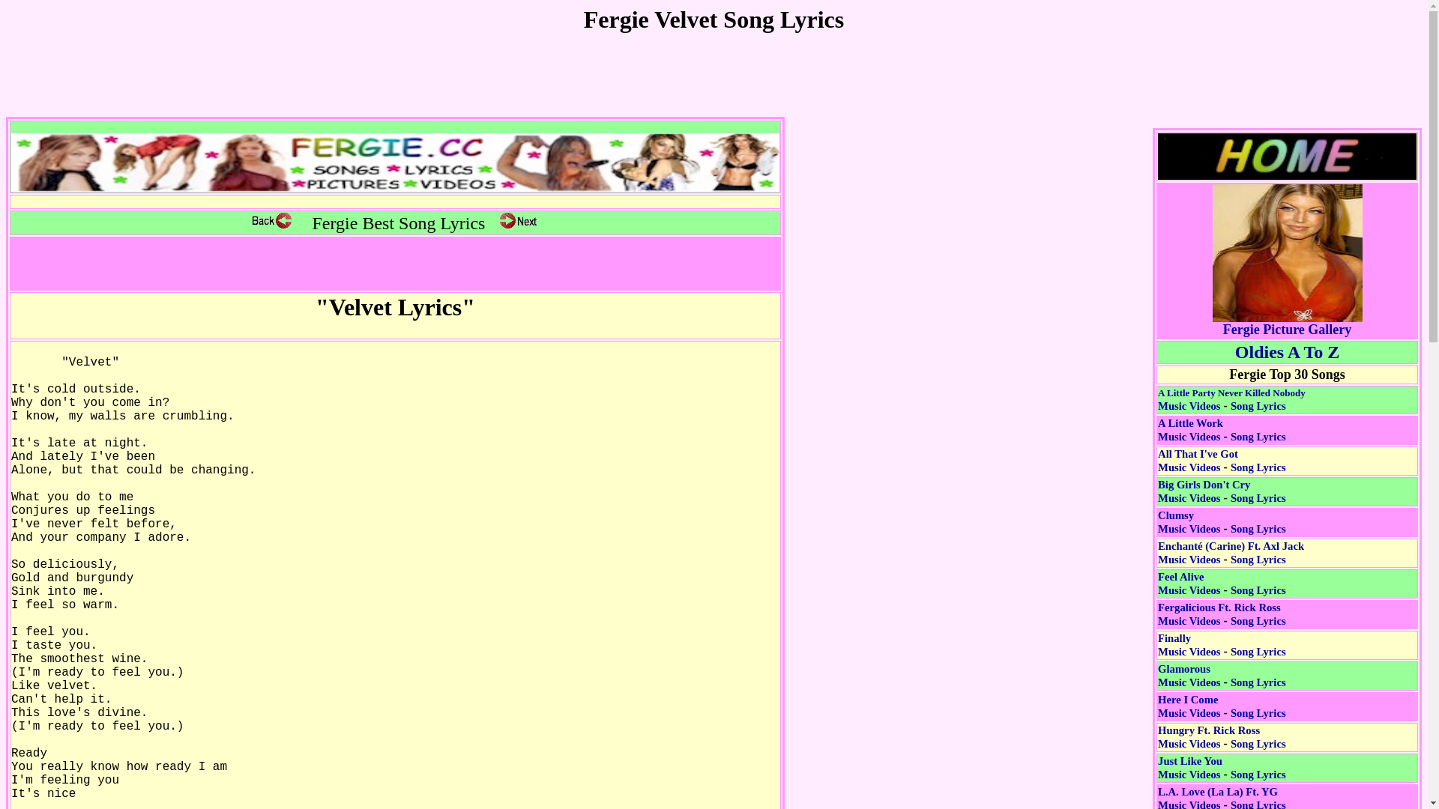  Describe the element at coordinates (1157, 491) in the screenshot. I see `'Big Girls Don't Cry` at that location.